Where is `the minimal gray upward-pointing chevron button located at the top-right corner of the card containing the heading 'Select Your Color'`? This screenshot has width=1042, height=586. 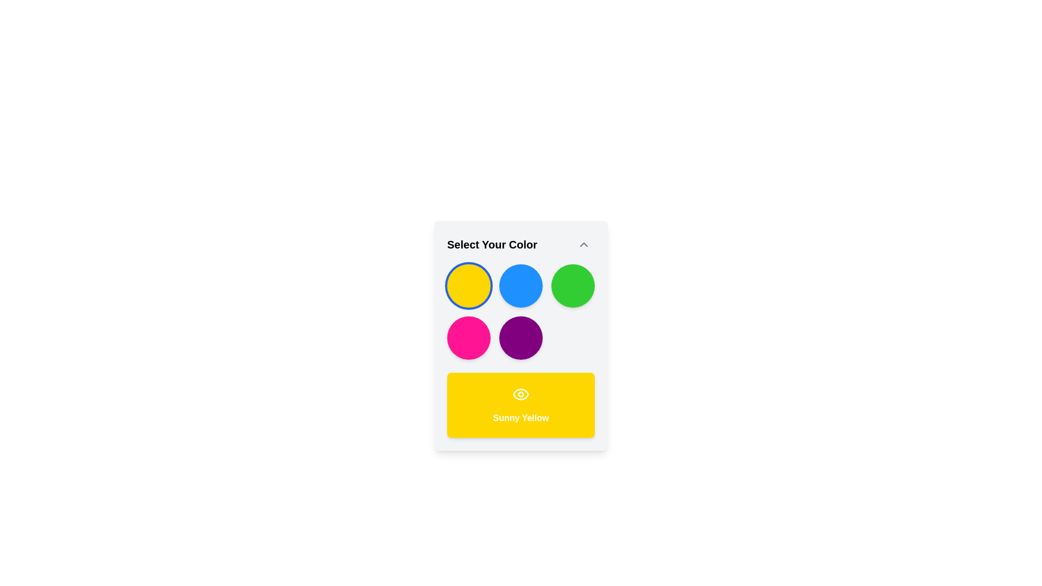 the minimal gray upward-pointing chevron button located at the top-right corner of the card containing the heading 'Select Your Color' is located at coordinates (583, 245).